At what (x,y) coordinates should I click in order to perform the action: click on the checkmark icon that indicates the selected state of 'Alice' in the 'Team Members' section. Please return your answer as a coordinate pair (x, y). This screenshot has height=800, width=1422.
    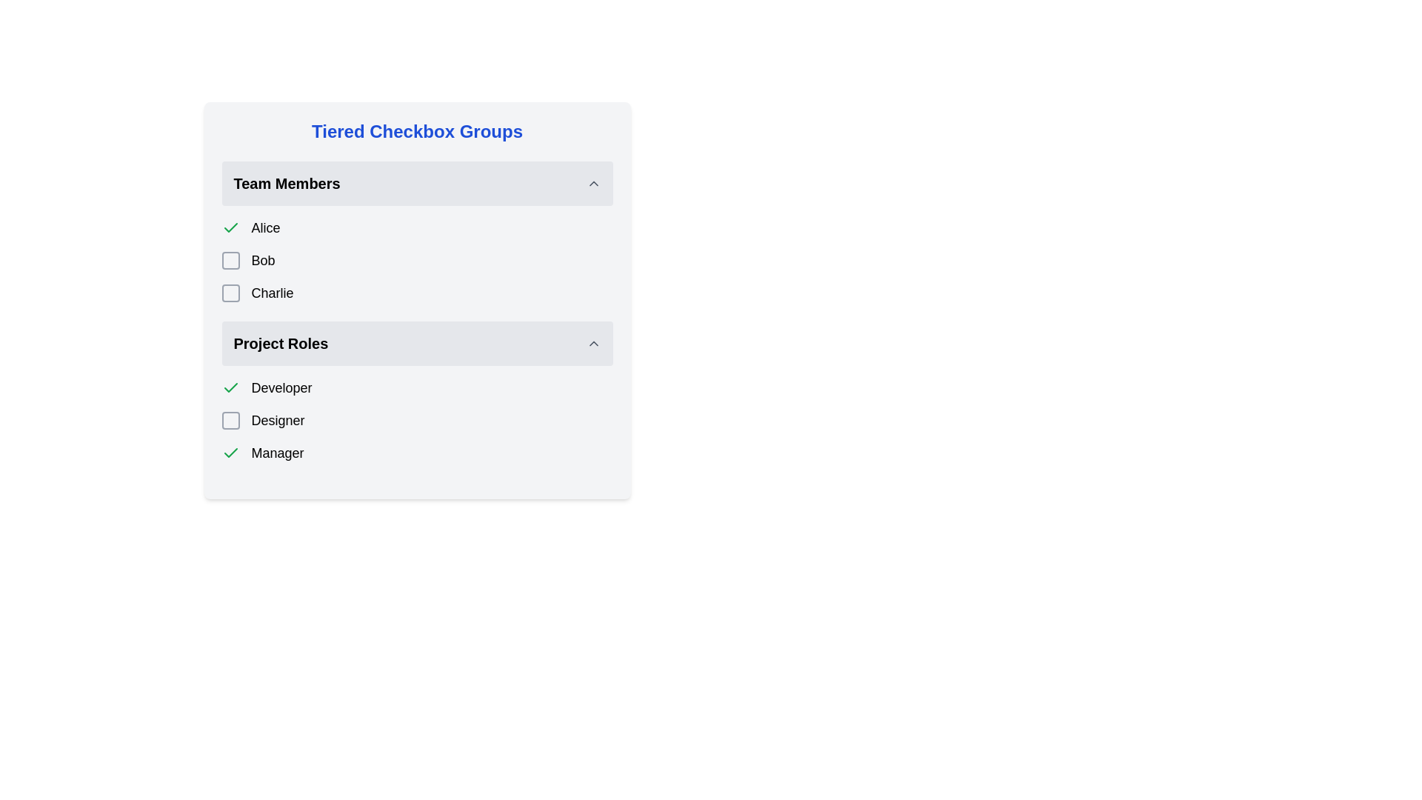
    Looking at the image, I should click on (230, 228).